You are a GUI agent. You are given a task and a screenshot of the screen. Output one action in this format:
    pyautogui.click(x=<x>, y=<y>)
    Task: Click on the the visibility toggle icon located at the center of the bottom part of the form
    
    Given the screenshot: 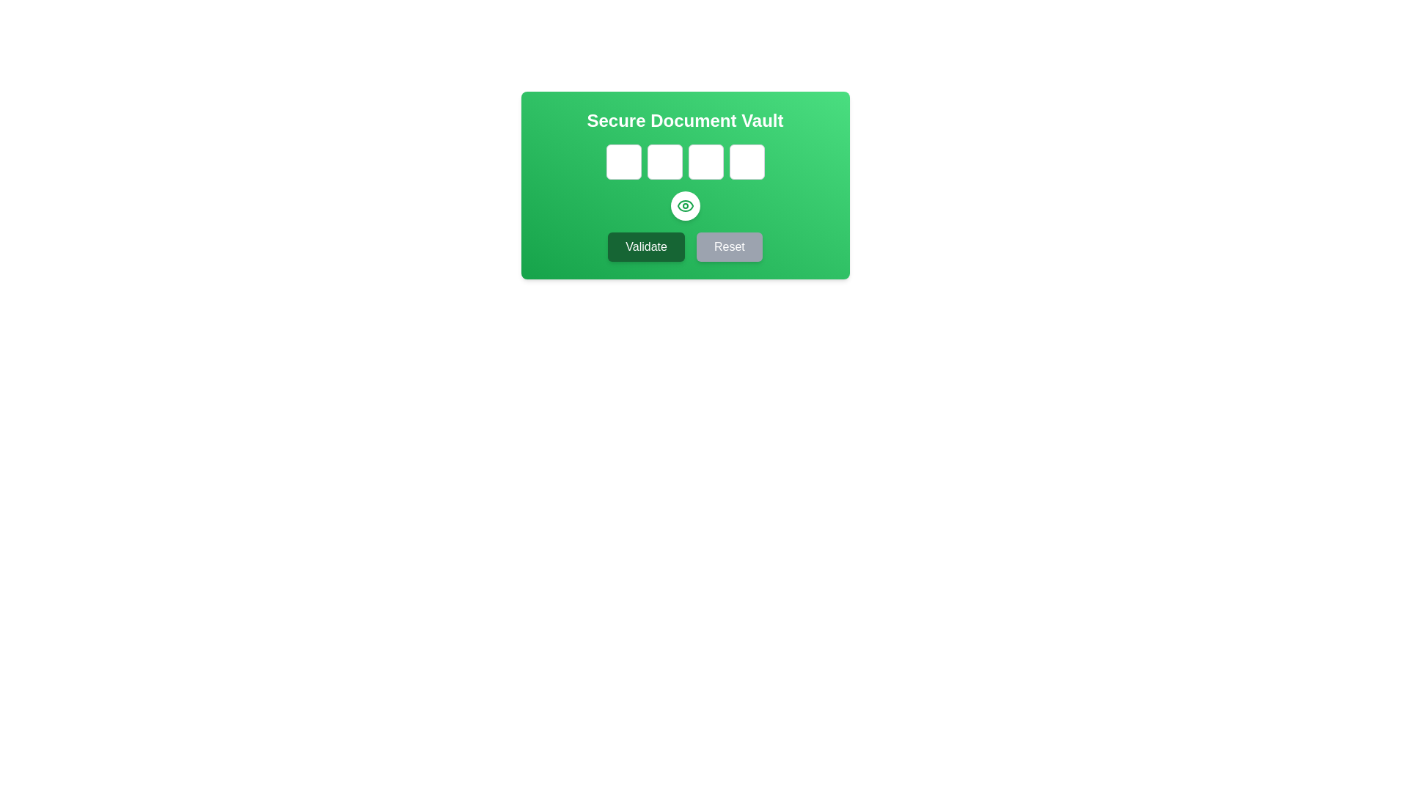 What is the action you would take?
    pyautogui.click(x=684, y=206)
    